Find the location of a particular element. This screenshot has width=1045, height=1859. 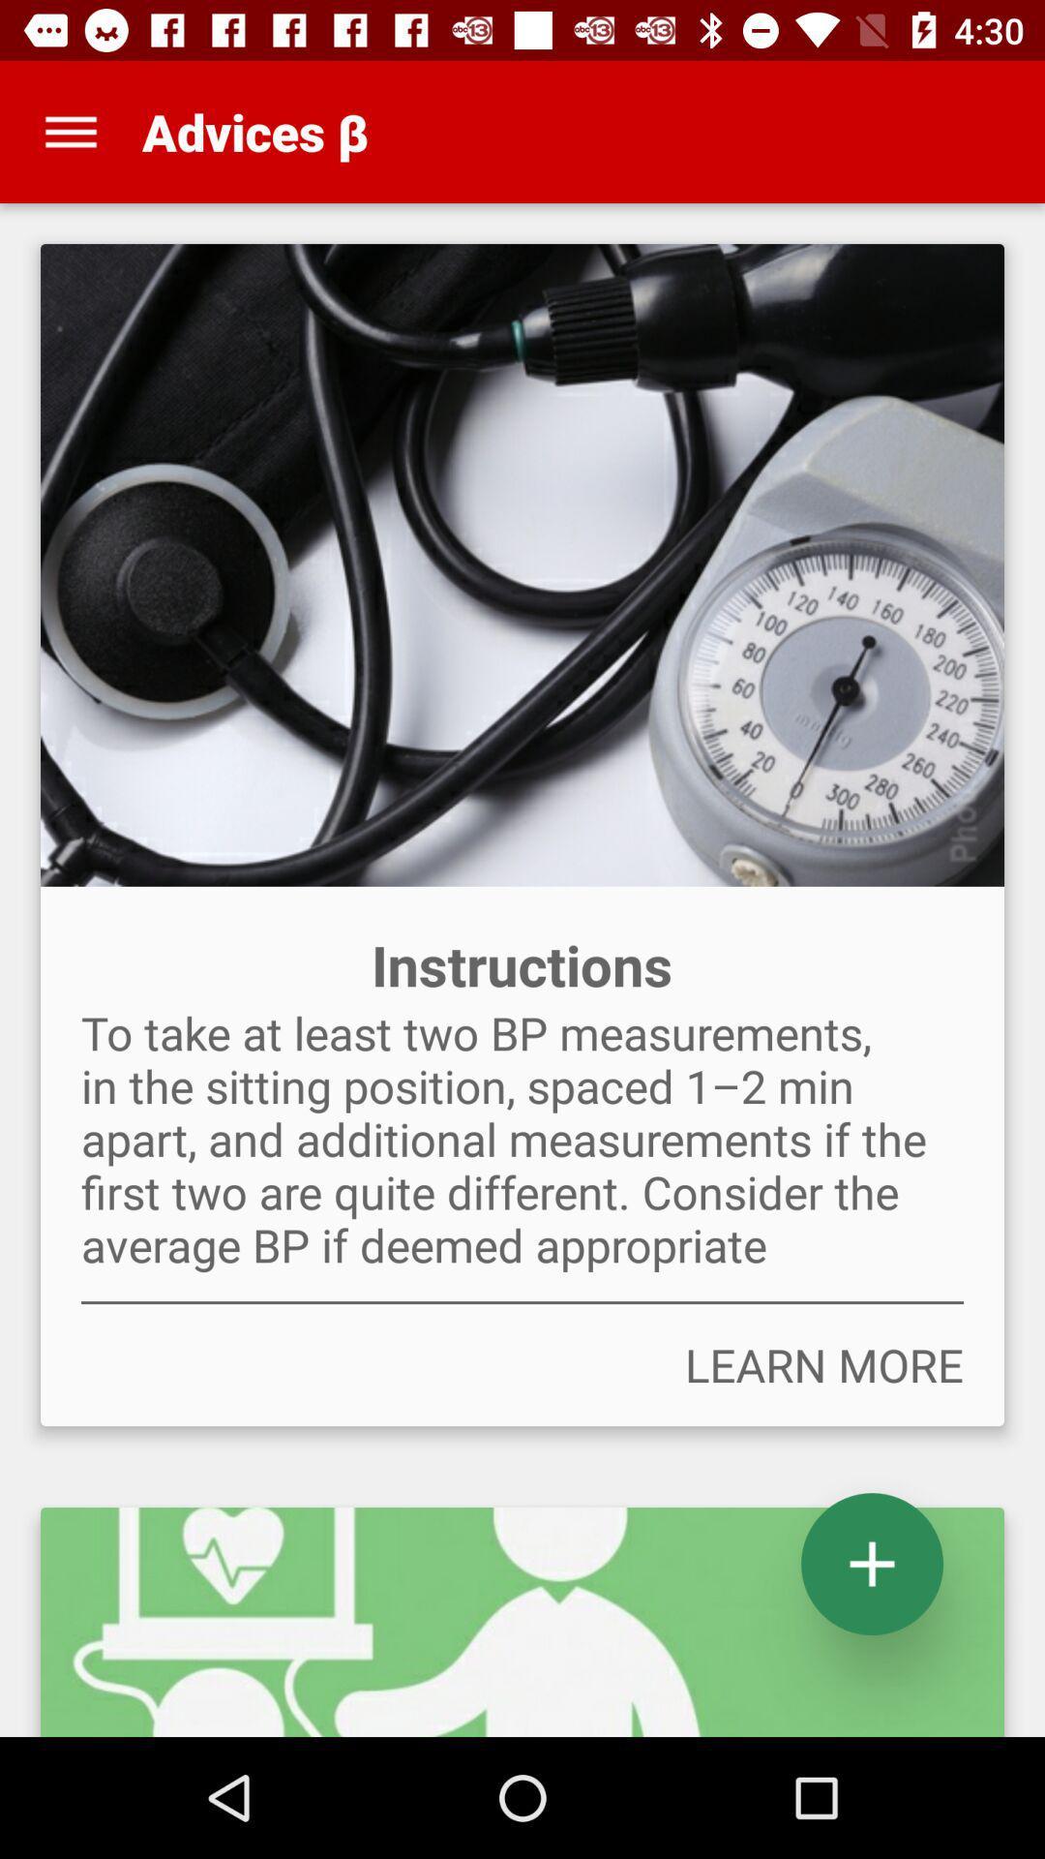

the learn more item is located at coordinates (522, 1364).